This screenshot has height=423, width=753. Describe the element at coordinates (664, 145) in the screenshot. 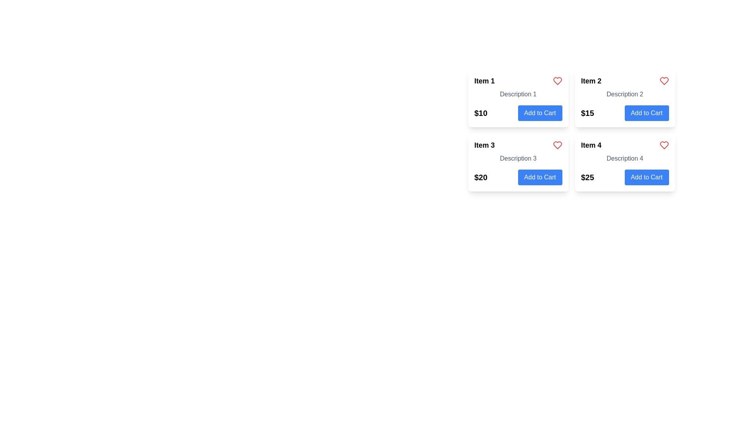

I see `the favorite icon button located at the top-right corner of 'Item 4' card` at that location.